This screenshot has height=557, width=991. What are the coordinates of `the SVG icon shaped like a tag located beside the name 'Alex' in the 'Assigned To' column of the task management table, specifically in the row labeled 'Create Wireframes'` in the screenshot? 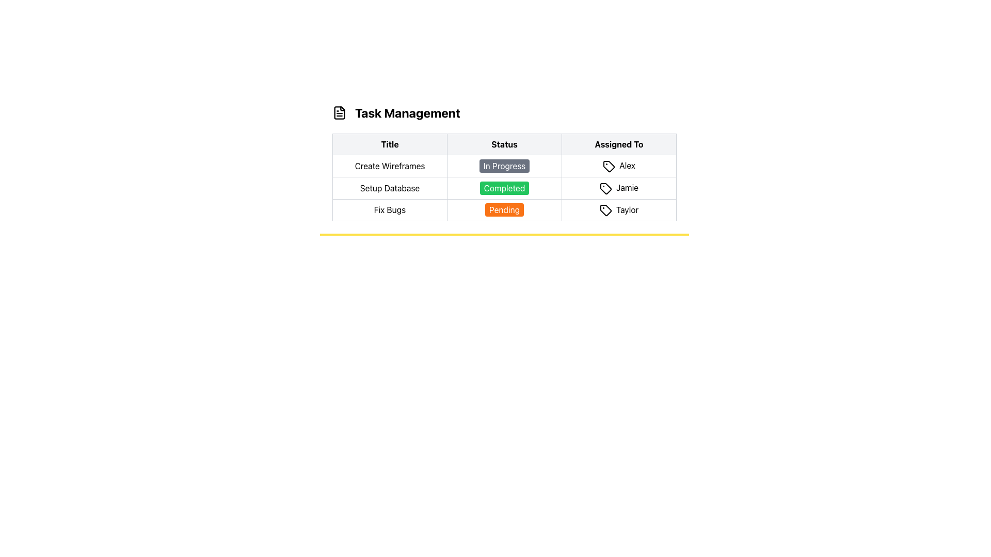 It's located at (609, 166).